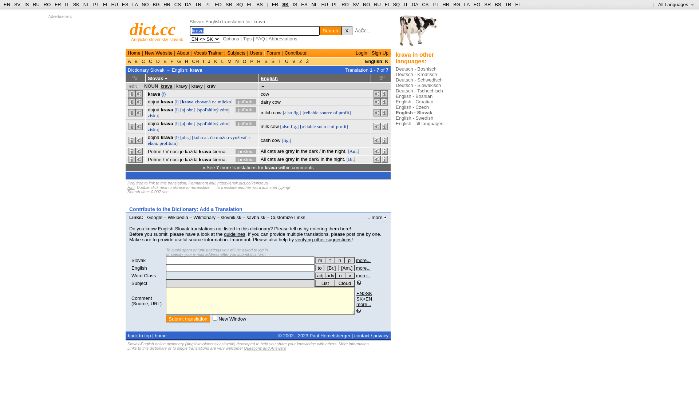  I want to click on 'NO', so click(145, 4).